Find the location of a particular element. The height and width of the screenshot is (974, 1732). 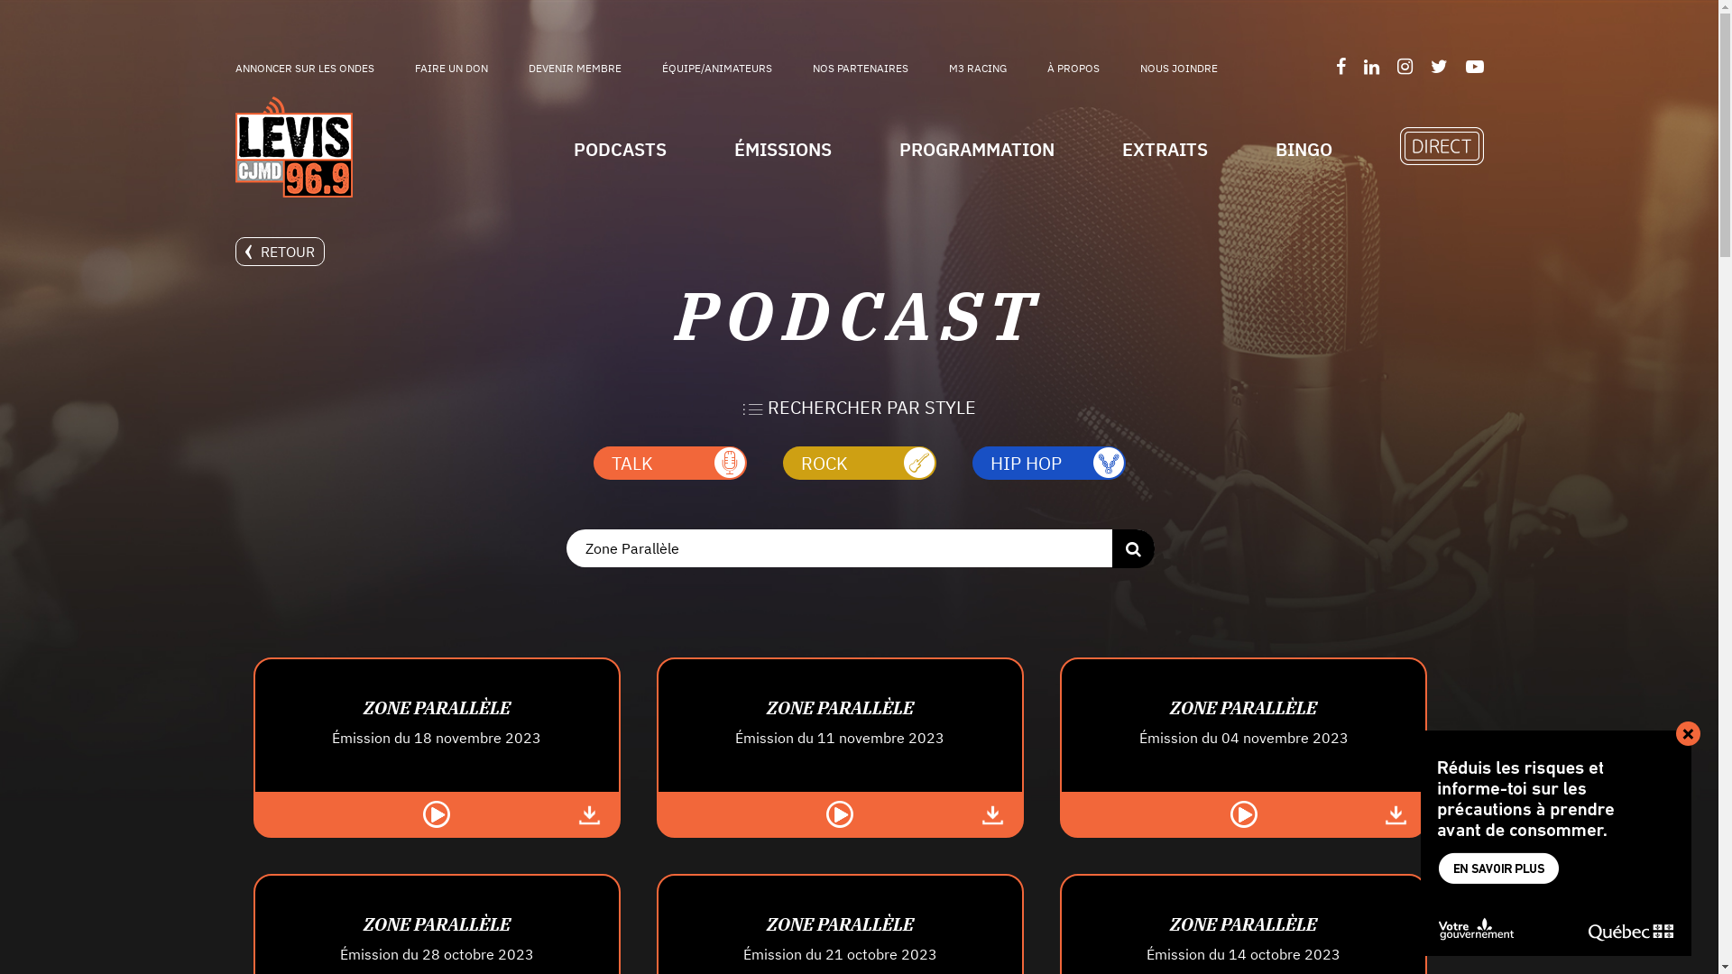

'DEVENIR MEMBRE' is located at coordinates (574, 67).